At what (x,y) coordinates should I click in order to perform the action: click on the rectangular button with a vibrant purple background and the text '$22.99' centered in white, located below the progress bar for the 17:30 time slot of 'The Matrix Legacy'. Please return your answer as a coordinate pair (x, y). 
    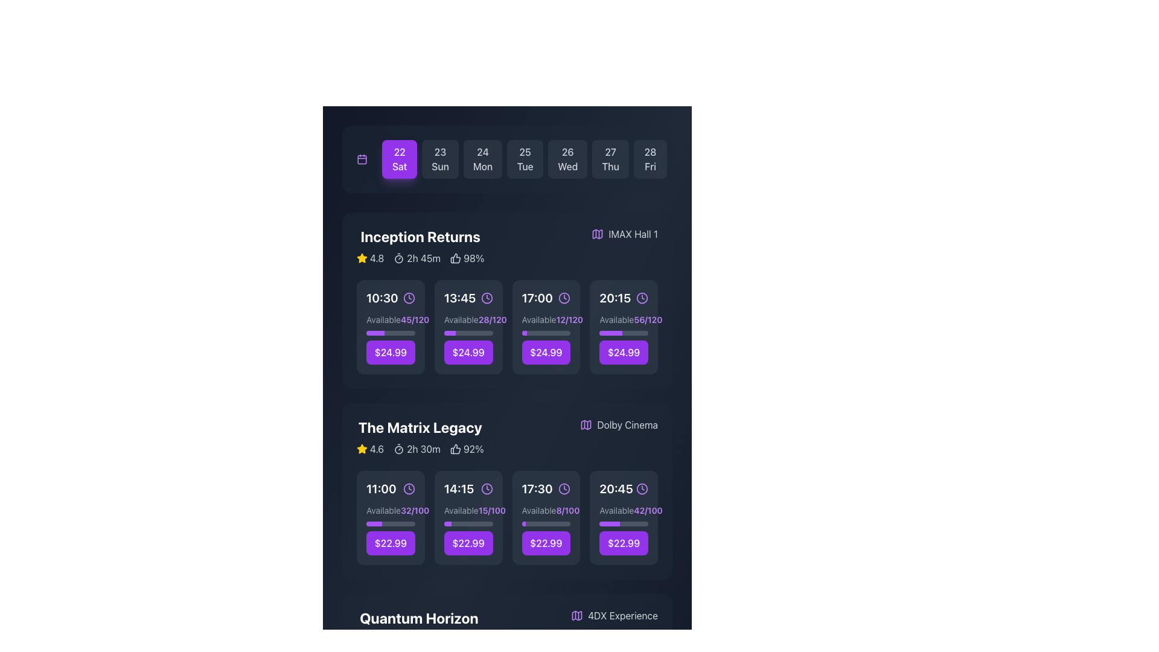
    Looking at the image, I should click on (545, 542).